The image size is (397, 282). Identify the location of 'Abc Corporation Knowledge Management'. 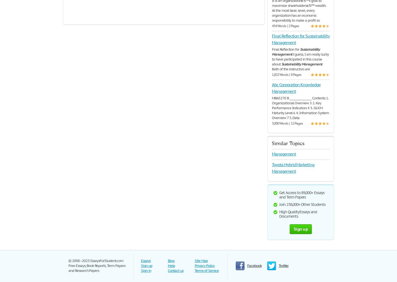
(272, 88).